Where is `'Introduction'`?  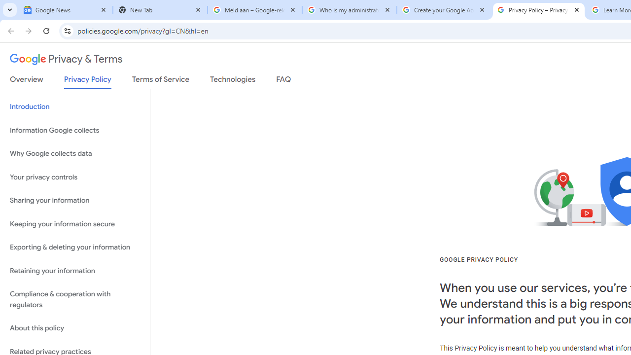 'Introduction' is located at coordinates (74, 107).